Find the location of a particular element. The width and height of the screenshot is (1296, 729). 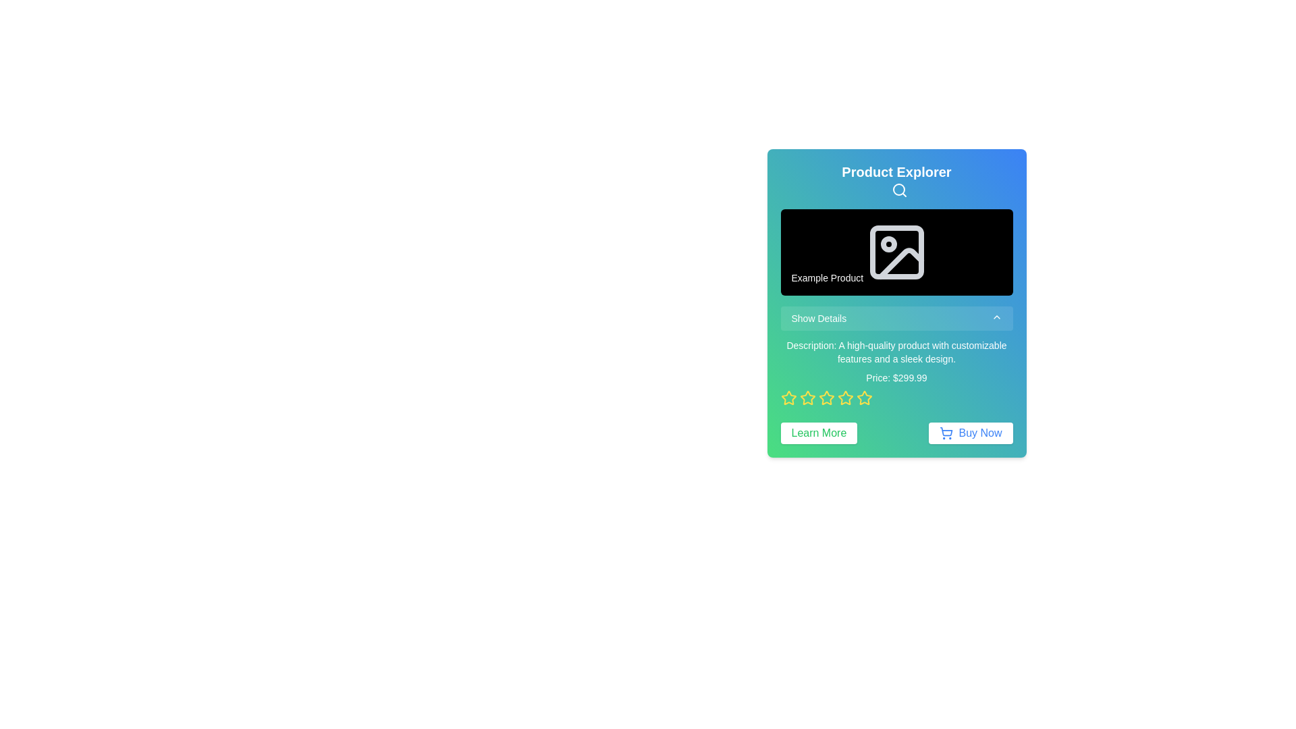

the sixth star in the horizontal sequence of seven stars is located at coordinates (844, 397).